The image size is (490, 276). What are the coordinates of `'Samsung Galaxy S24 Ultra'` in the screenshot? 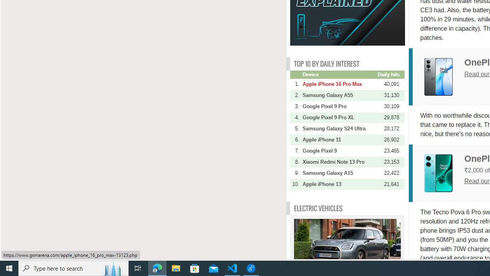 It's located at (339, 128).